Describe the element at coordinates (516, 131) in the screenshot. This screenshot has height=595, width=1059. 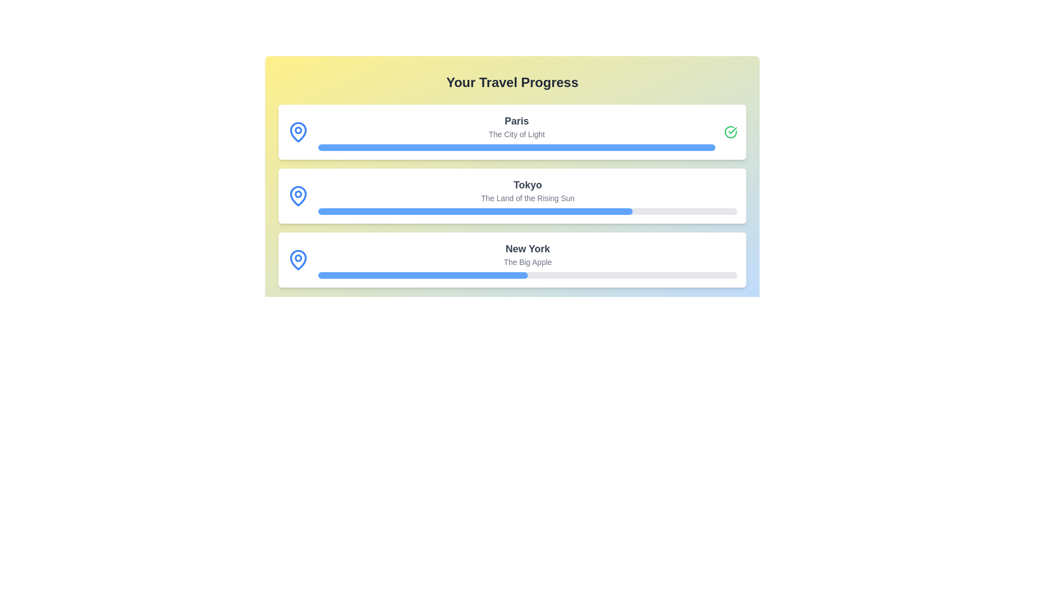
I see `the composite UI element representing 'Paris' with the slogan 'The City of Light' to focus on it` at that location.